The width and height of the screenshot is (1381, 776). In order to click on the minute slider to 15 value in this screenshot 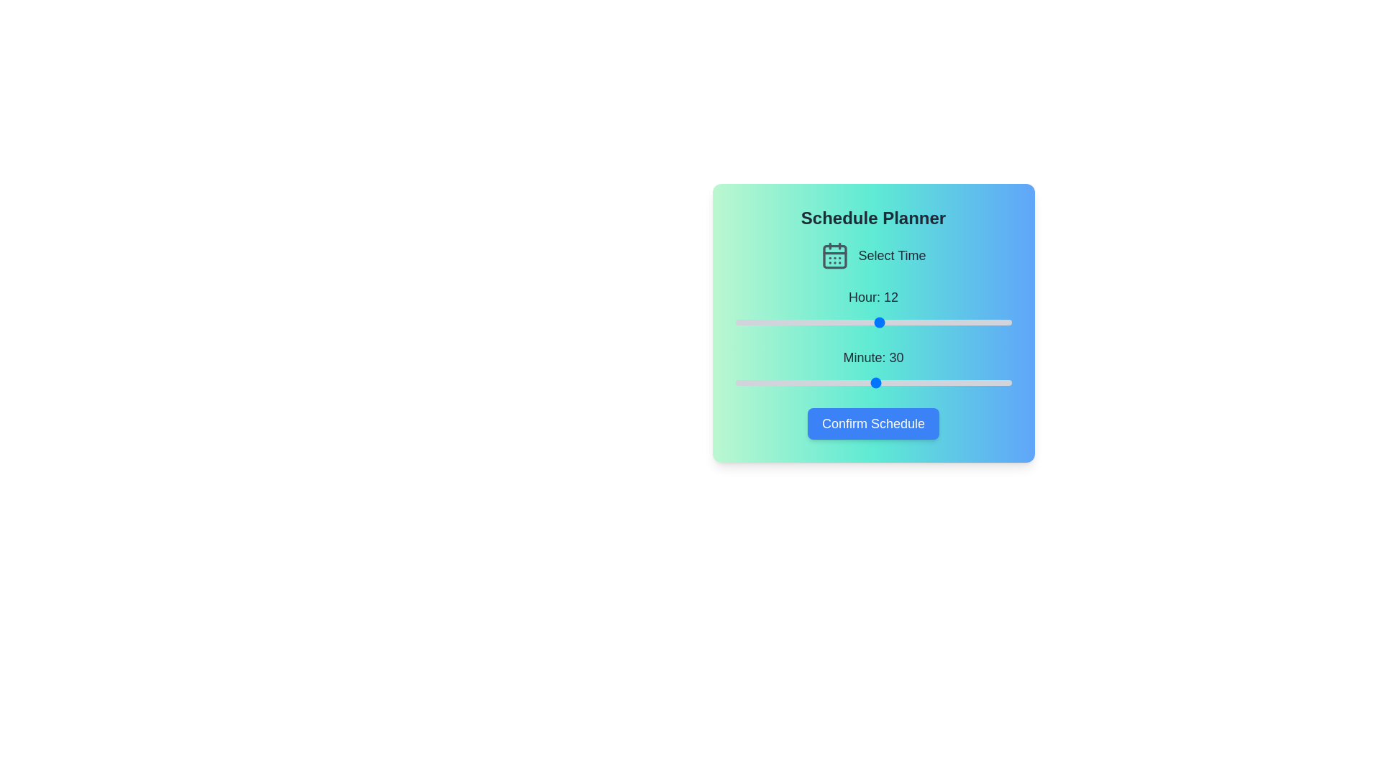, I will do `click(806, 382)`.